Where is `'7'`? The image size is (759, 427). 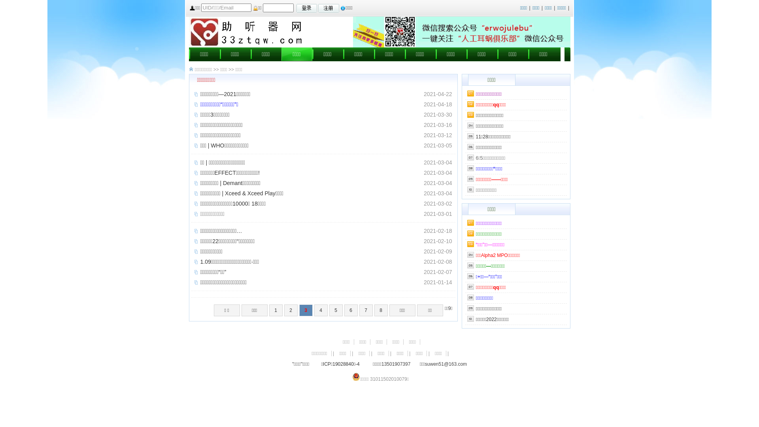
'7' is located at coordinates (366, 310).